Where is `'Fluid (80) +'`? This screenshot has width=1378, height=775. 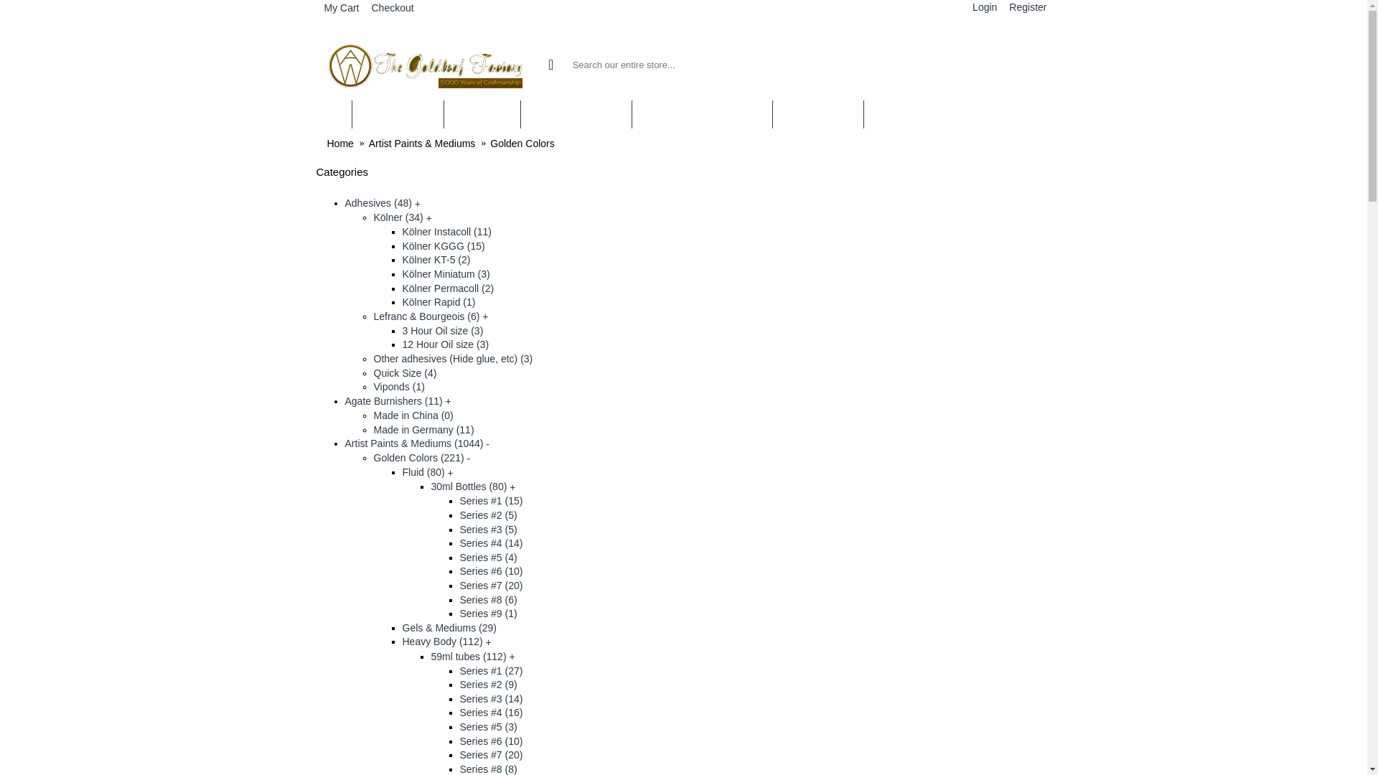 'Fluid (80) +' is located at coordinates (426, 472).